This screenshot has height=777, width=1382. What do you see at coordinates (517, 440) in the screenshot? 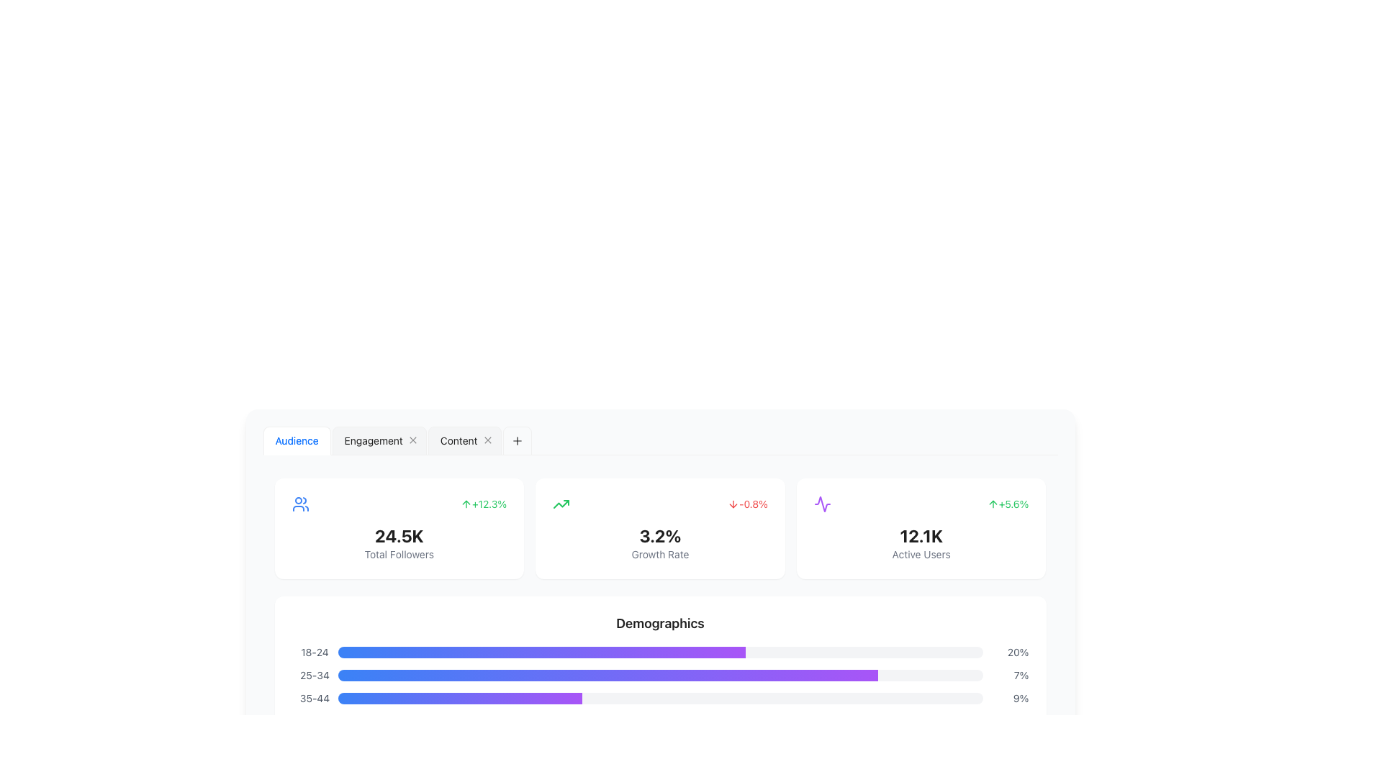
I see `the circular '+' button located to the far right of the tab navigation bar, following the 'Content' tab` at bounding box center [517, 440].